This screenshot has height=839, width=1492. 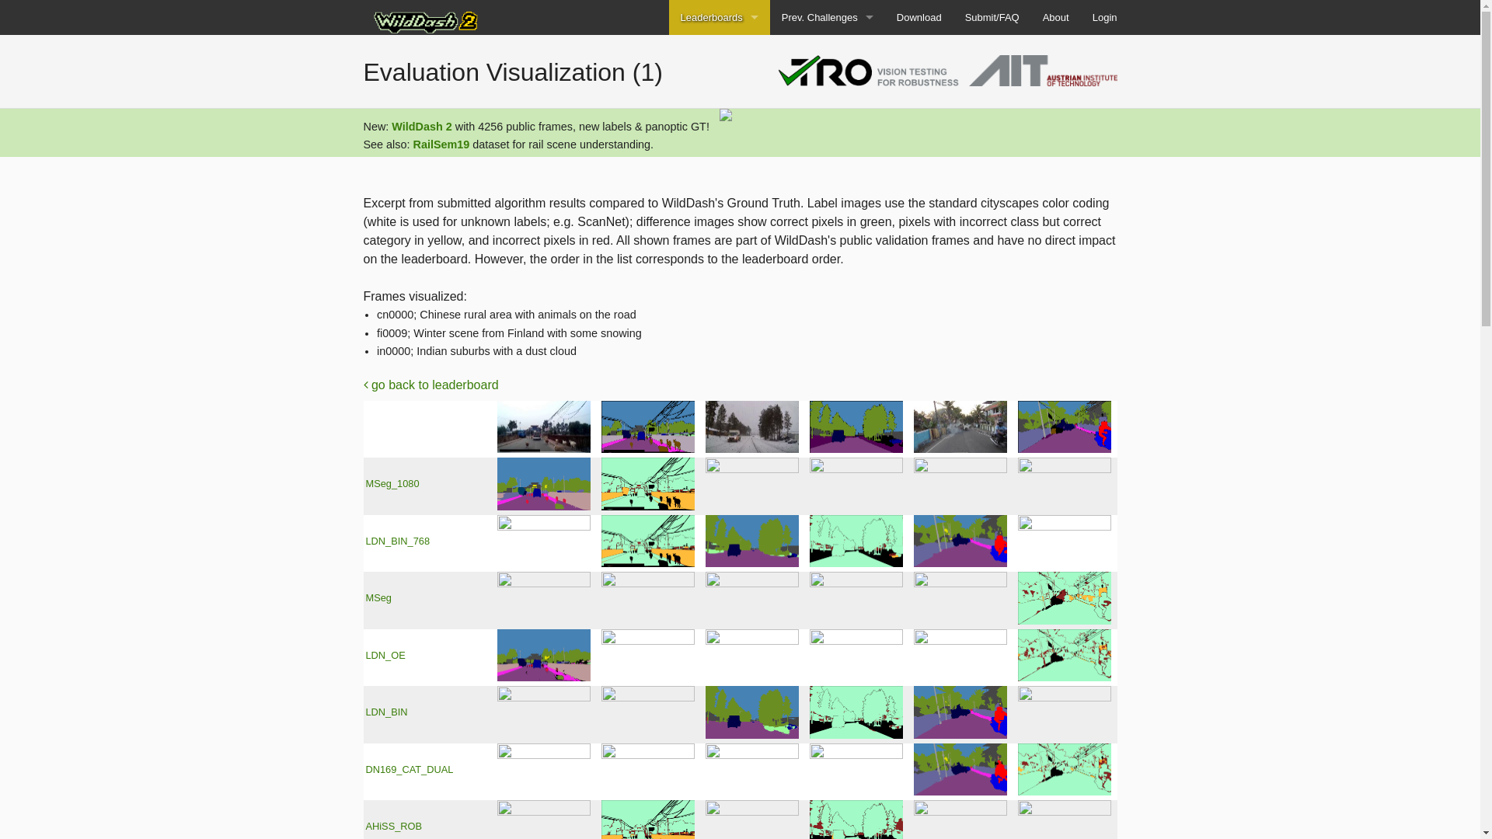 What do you see at coordinates (385, 655) in the screenshot?
I see `'LDN_OE'` at bounding box center [385, 655].